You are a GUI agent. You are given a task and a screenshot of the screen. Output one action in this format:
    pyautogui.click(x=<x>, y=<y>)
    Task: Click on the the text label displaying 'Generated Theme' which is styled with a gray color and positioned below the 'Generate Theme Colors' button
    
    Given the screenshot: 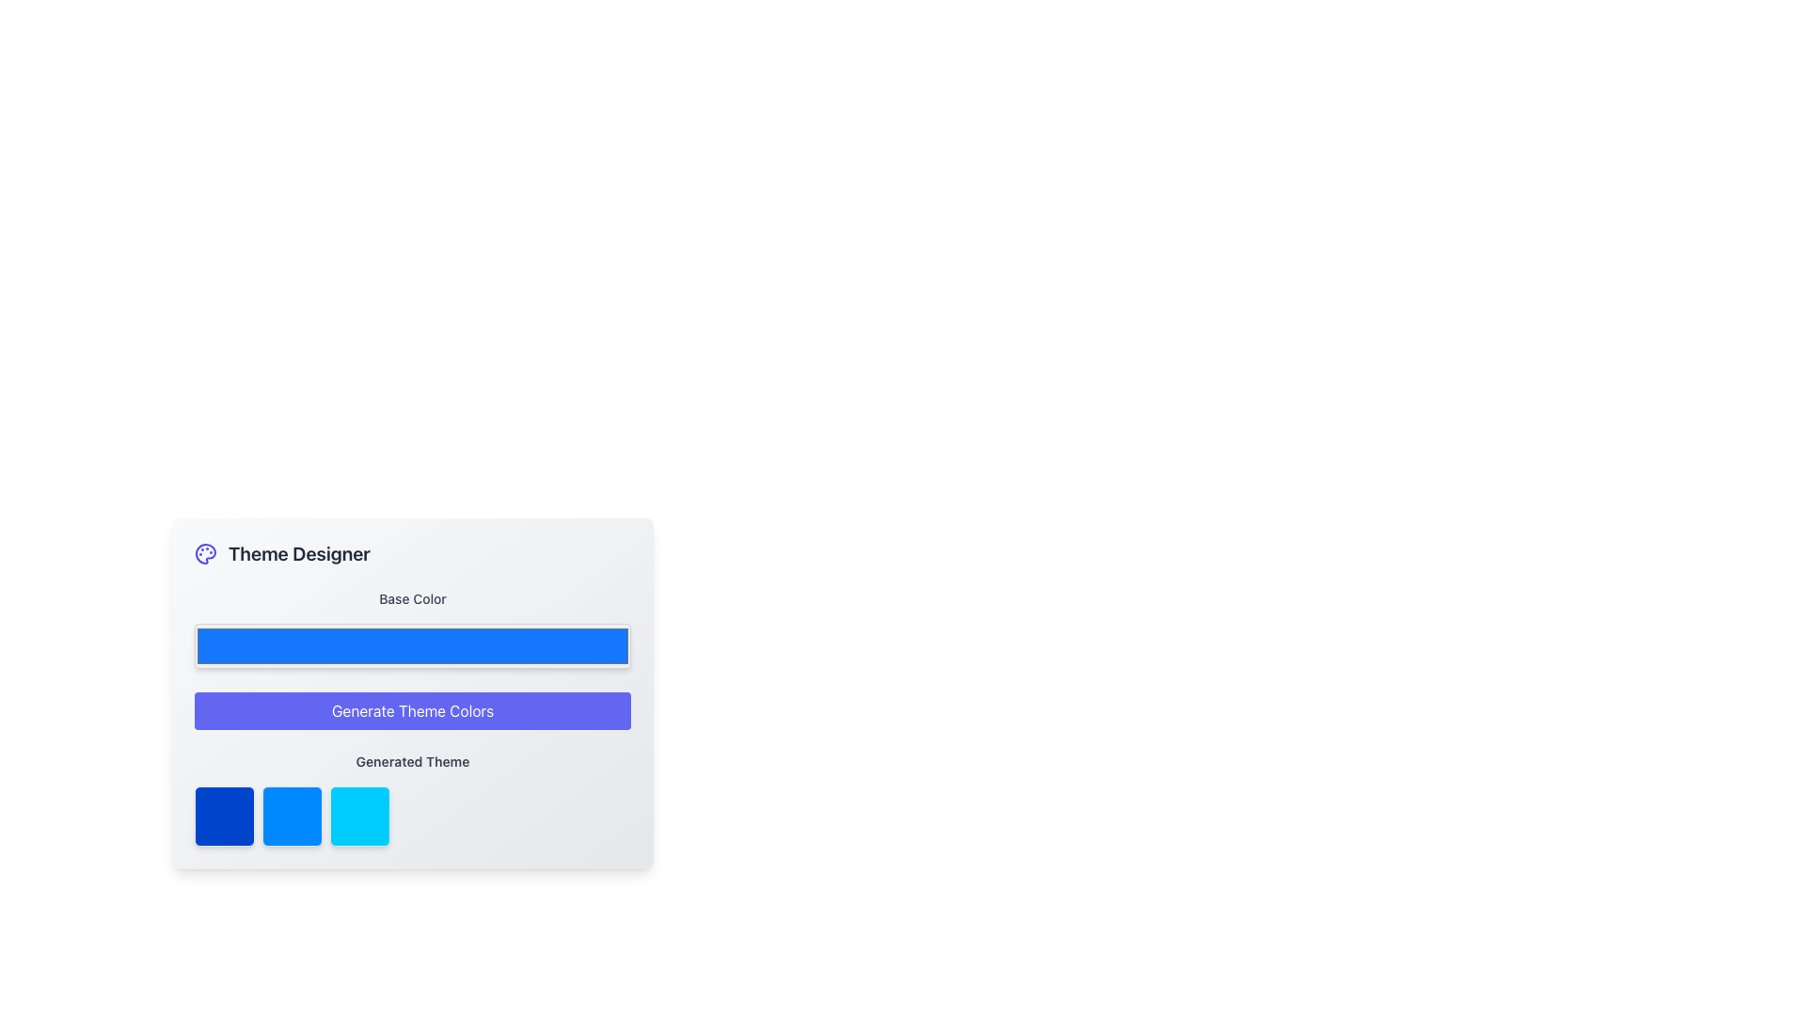 What is the action you would take?
    pyautogui.click(x=411, y=762)
    